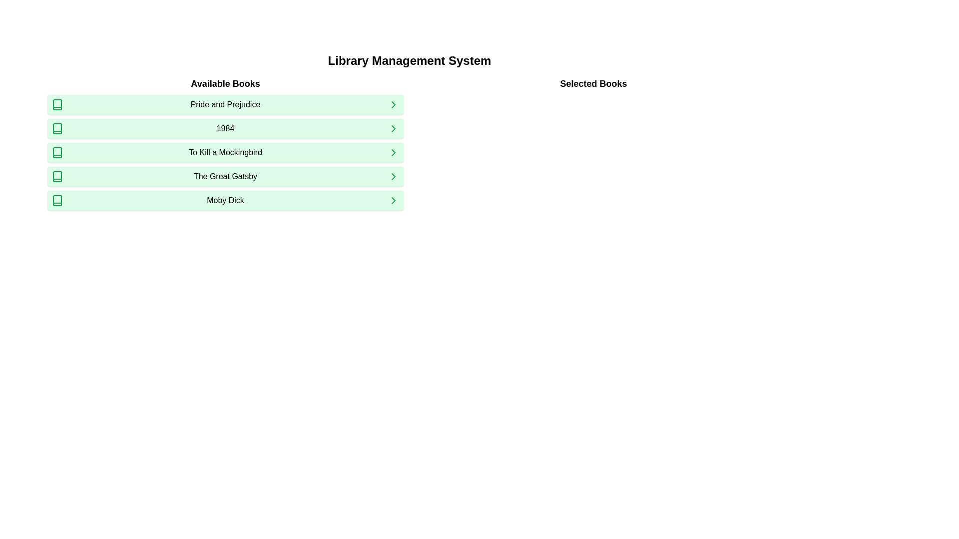  I want to click on the book icon for 'To Kill a Mockingbird', so click(57, 152).